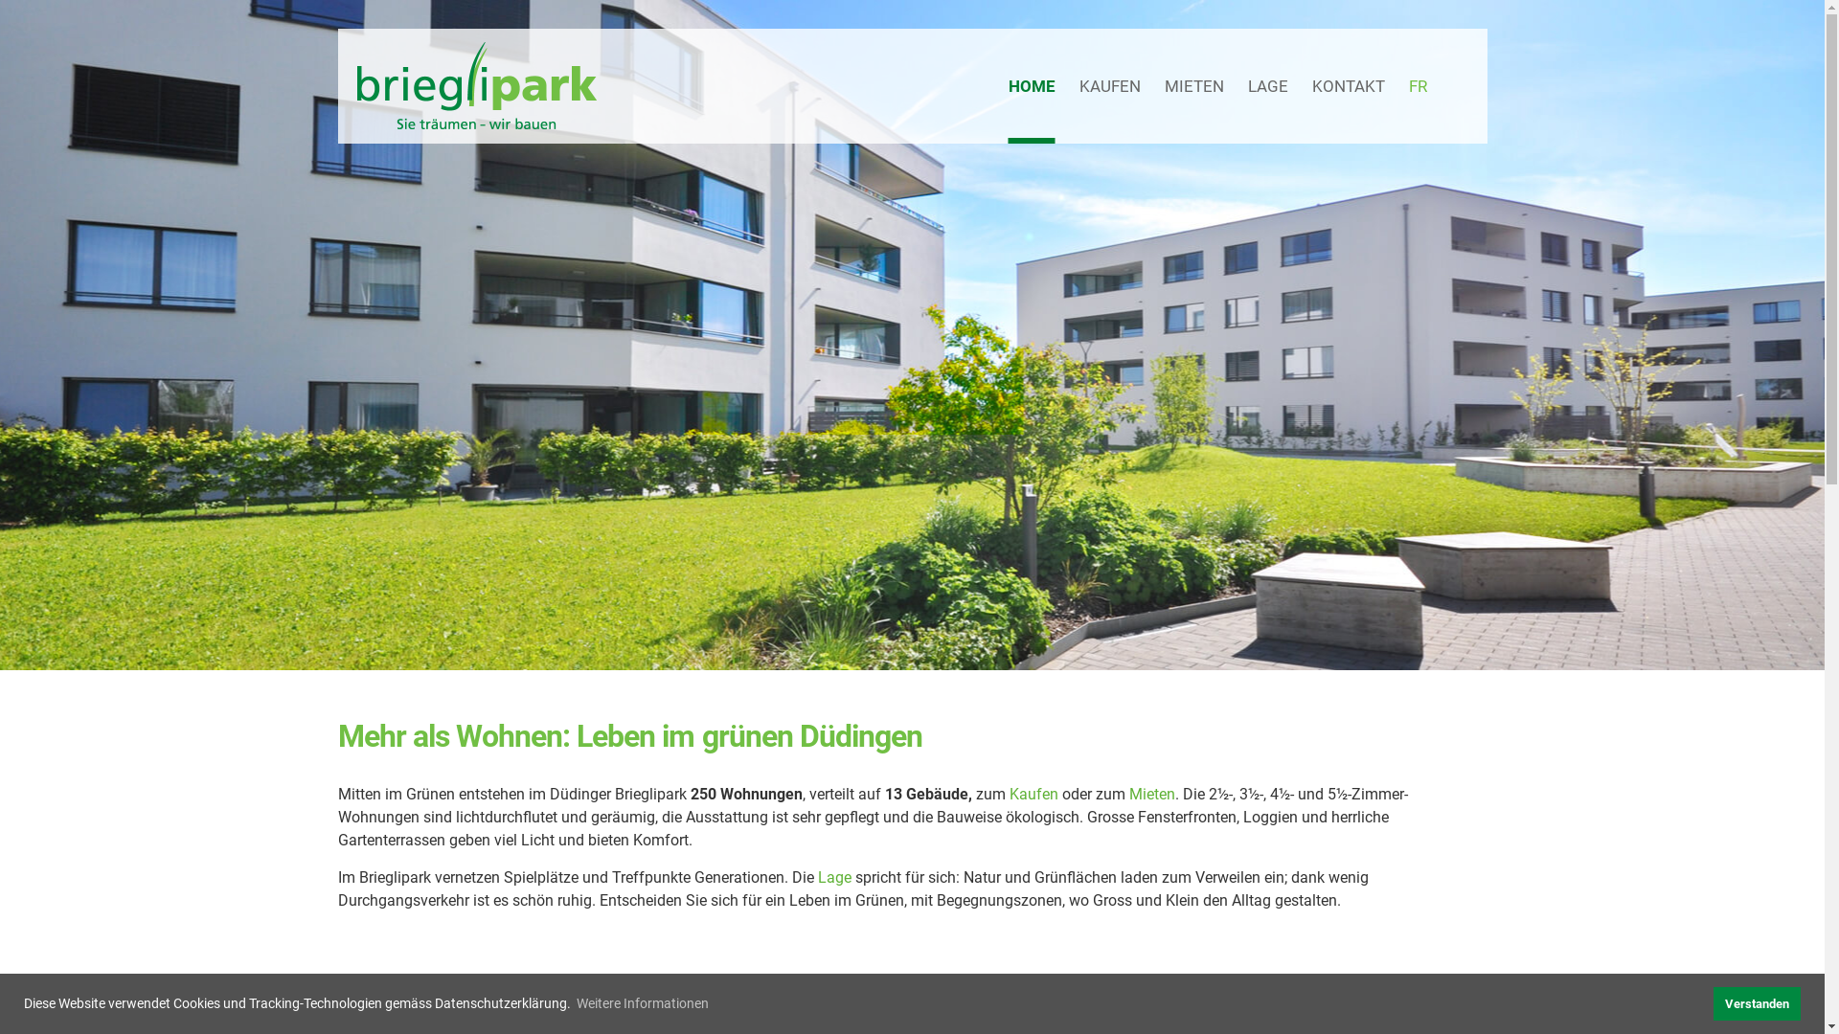  What do you see at coordinates (1757, 1002) in the screenshot?
I see `'Verstanden'` at bounding box center [1757, 1002].